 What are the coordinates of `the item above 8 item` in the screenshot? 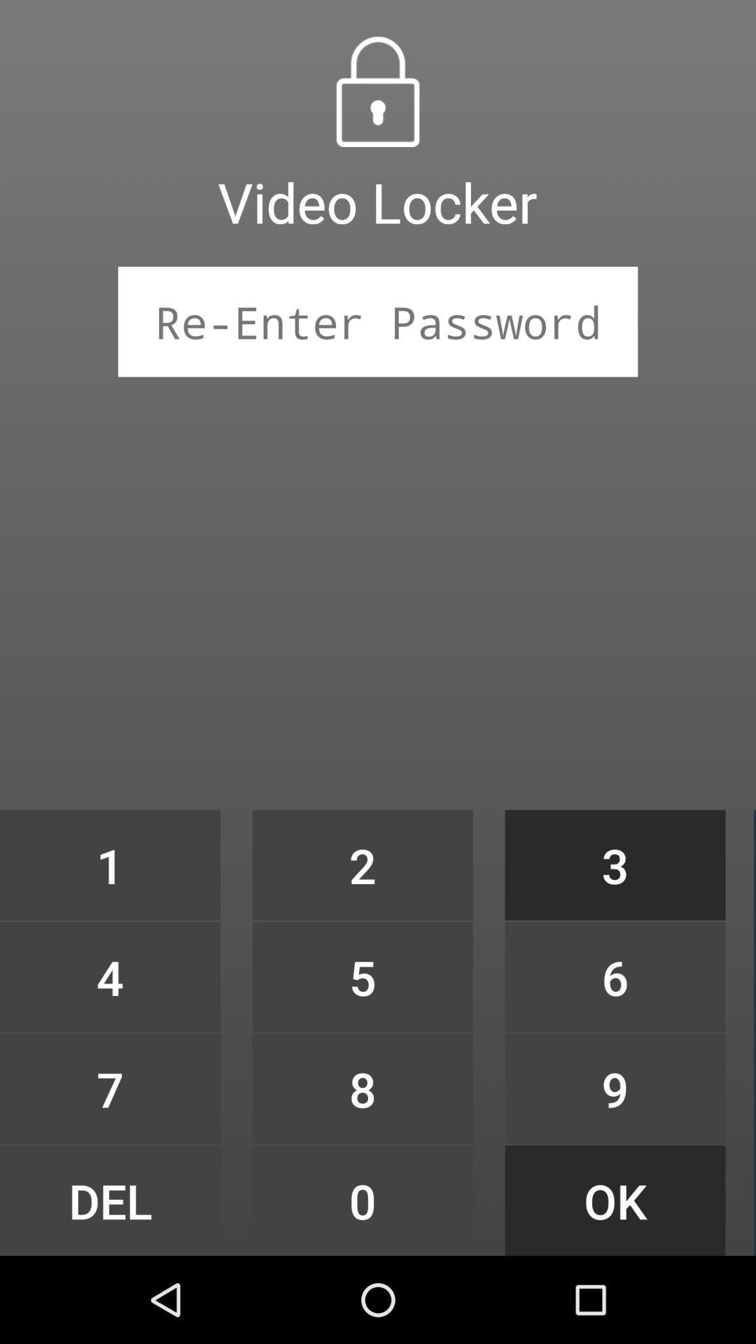 It's located at (362, 976).